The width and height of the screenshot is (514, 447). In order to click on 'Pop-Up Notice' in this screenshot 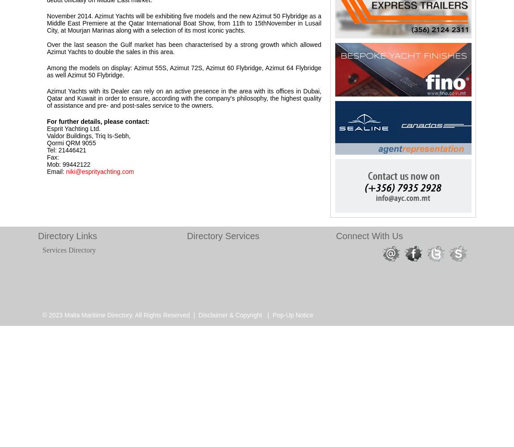, I will do `click(272, 315)`.